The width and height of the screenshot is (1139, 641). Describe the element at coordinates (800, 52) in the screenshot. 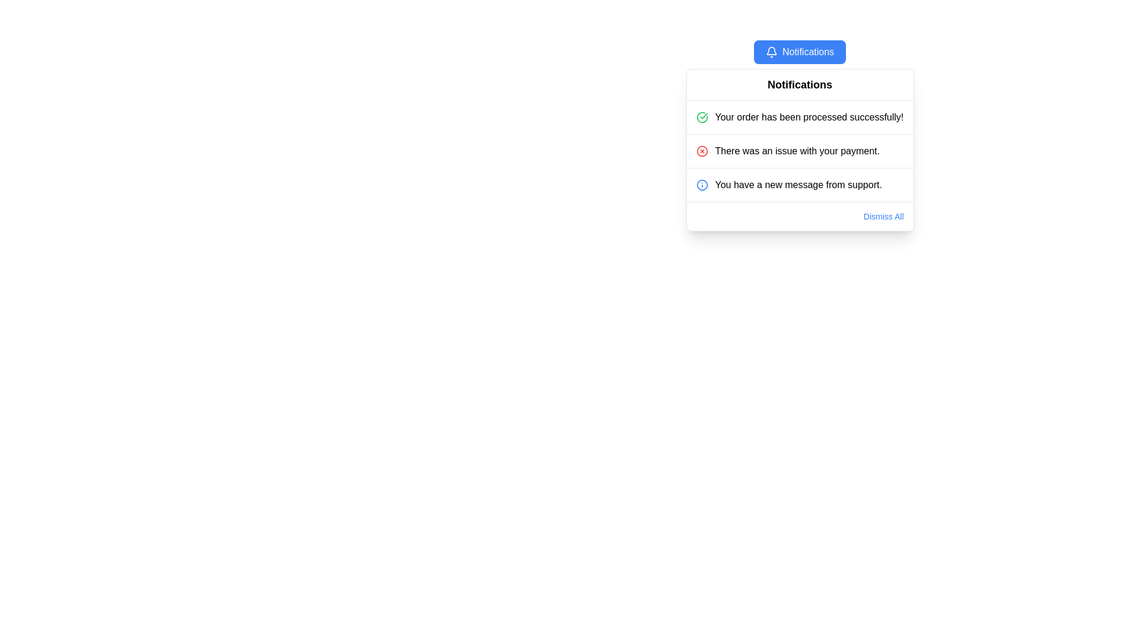

I see `the 'Notifications' button located at the top center of the notification panel` at that location.